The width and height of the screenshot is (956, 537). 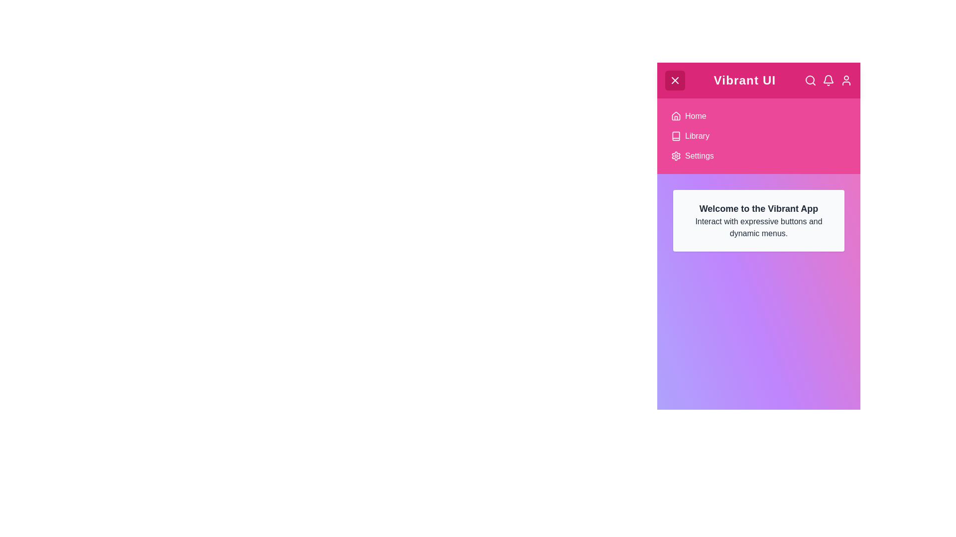 What do you see at coordinates (810, 80) in the screenshot?
I see `the search button in the header` at bounding box center [810, 80].